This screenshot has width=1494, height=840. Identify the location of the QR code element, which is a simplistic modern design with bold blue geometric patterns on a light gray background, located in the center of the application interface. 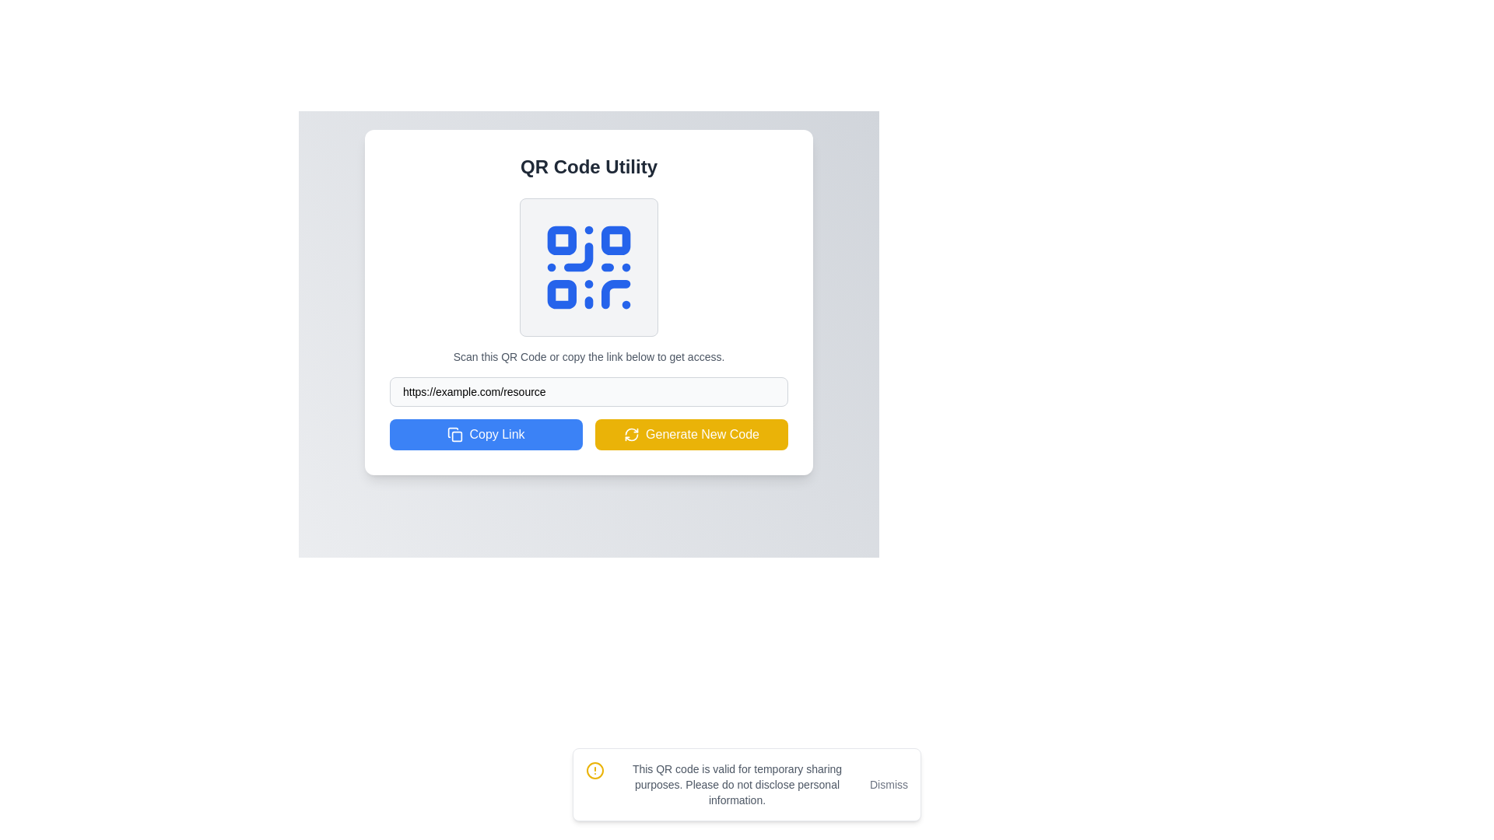
(588, 266).